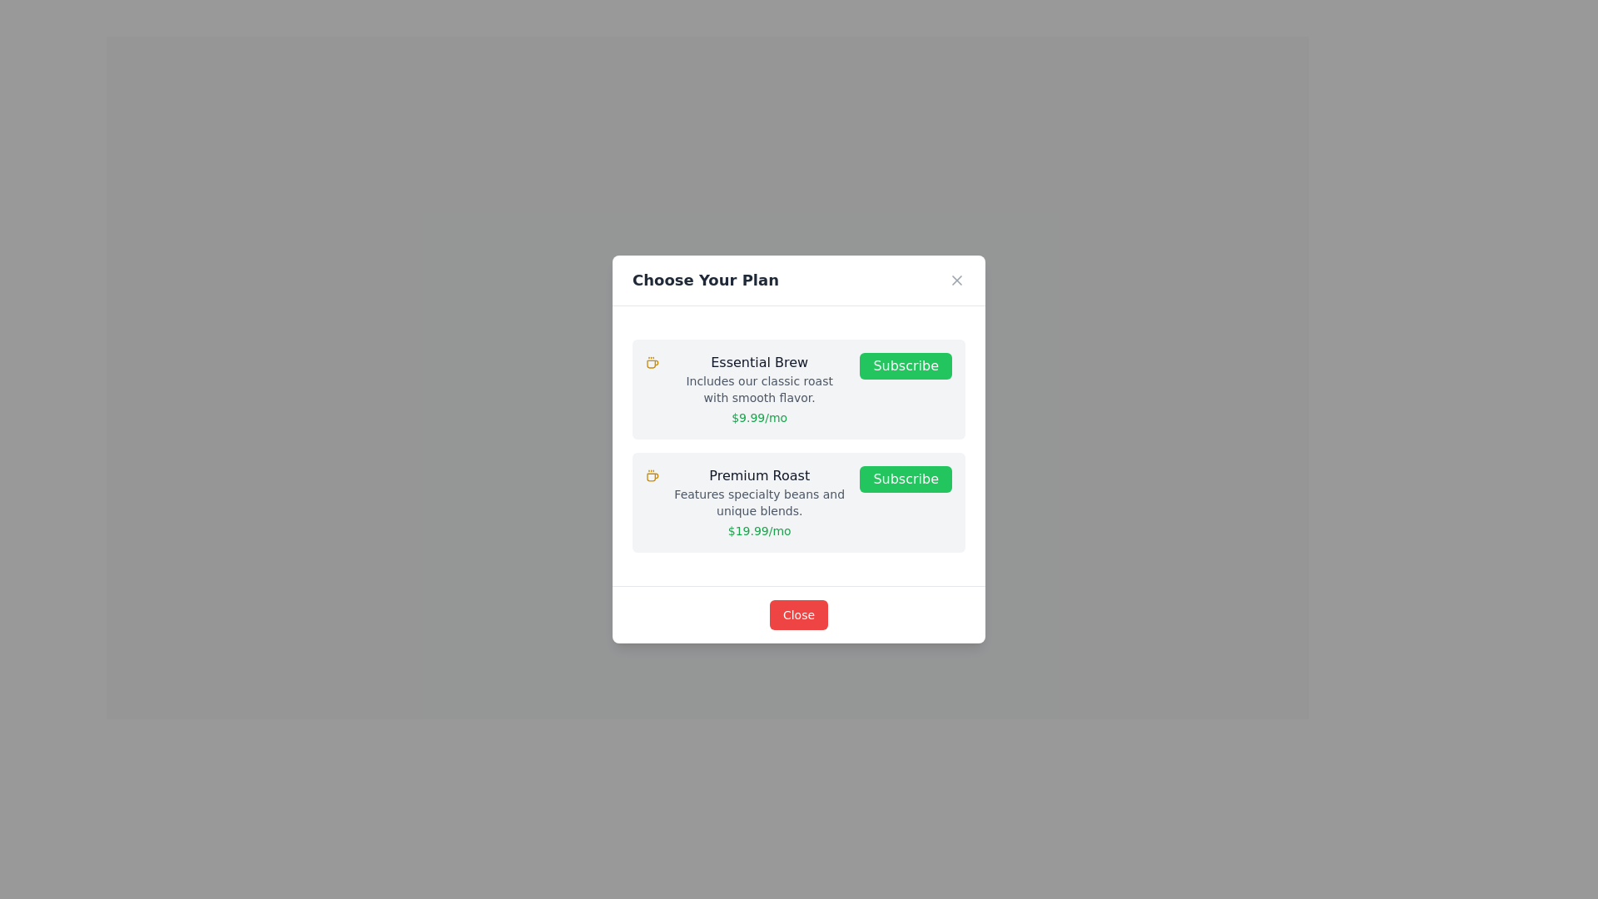 This screenshot has height=899, width=1598. I want to click on the text label displaying '$19.99/mo' in green, located beneath the subscription description in the second subscription card (Premium Roast), so click(758, 530).